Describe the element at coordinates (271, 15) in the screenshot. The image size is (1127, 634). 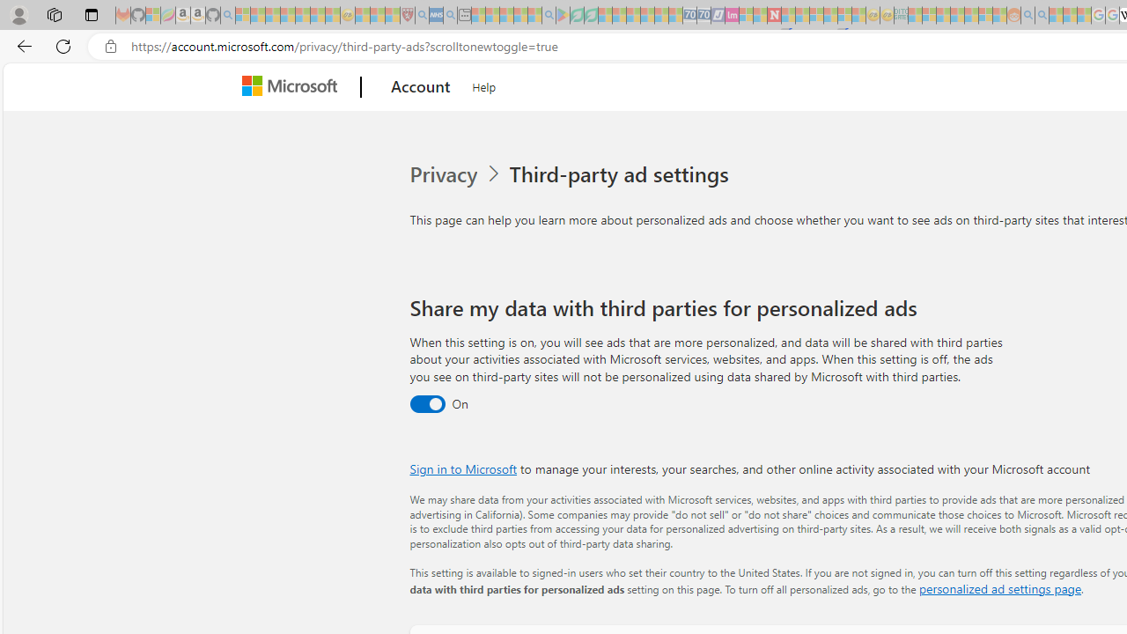
I see `'The Weather Channel - MSN - Sleeping'` at that location.